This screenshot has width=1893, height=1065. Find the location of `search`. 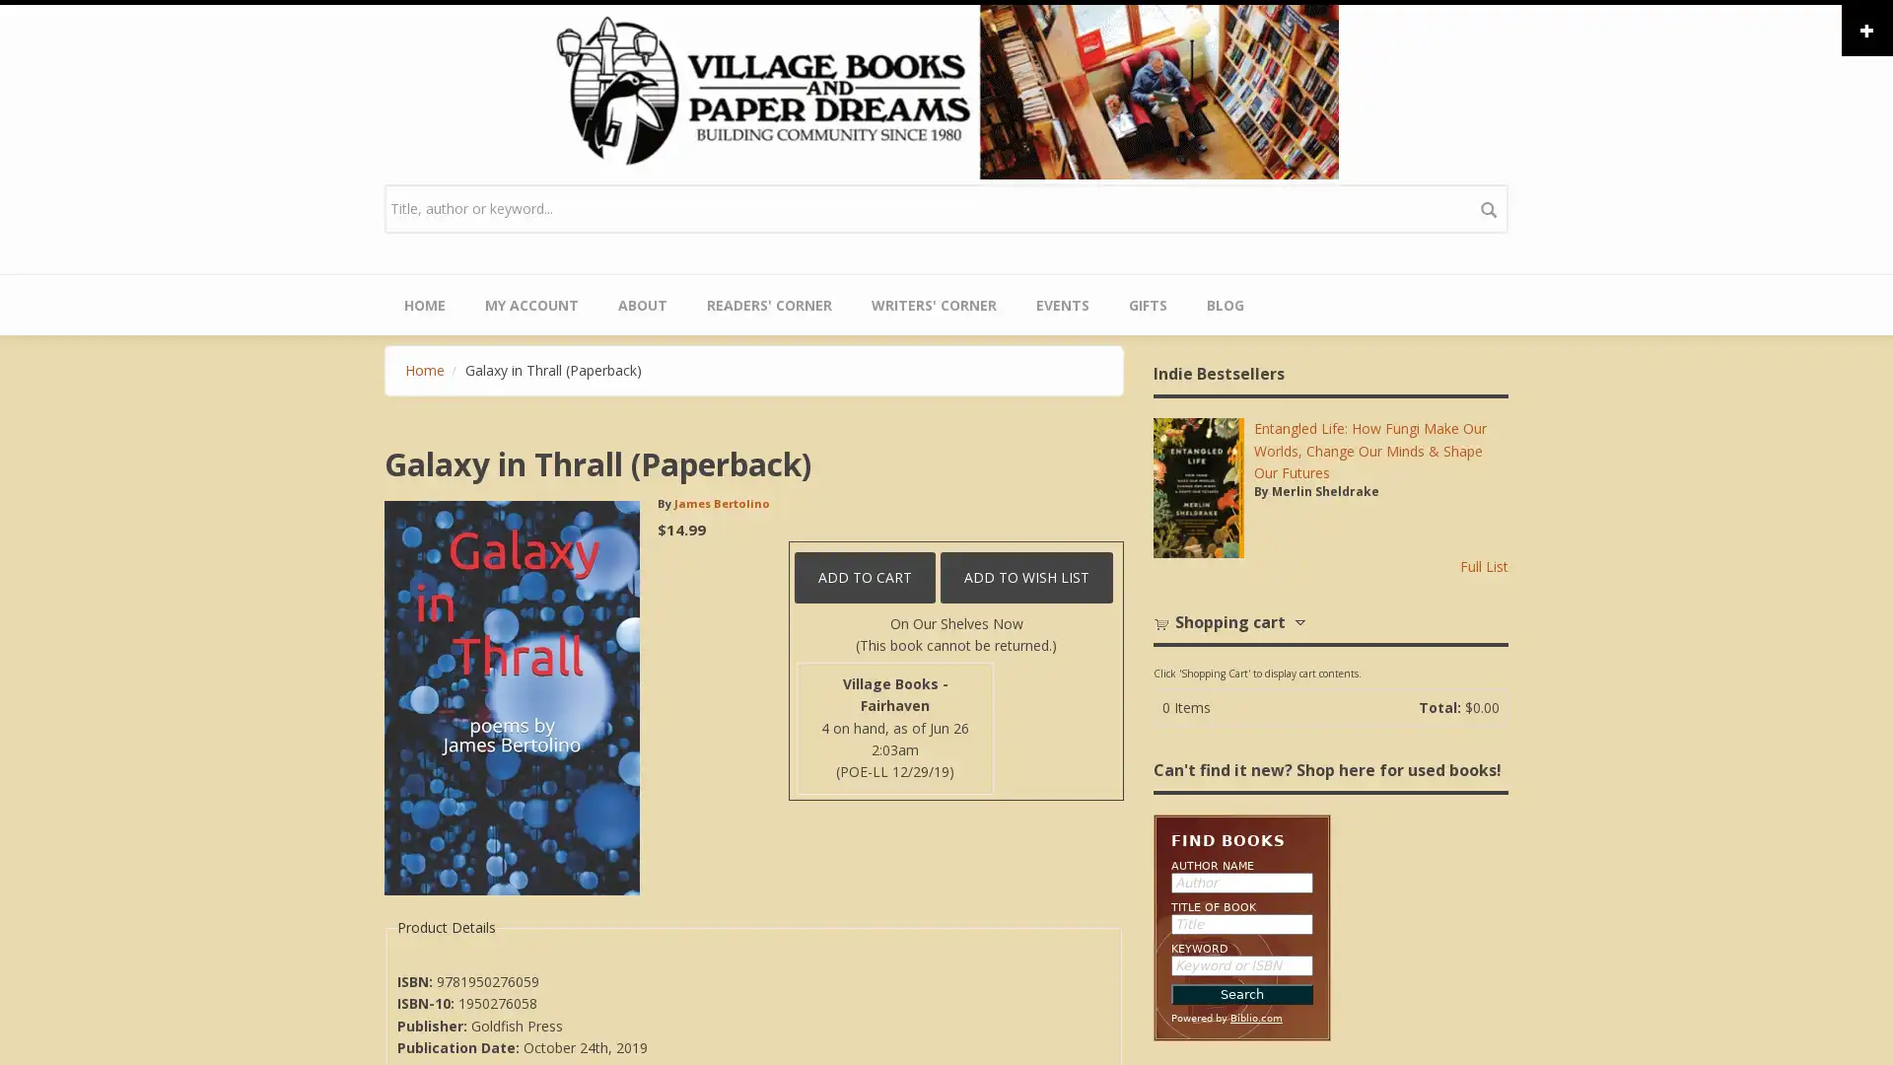

search is located at coordinates (1489, 209).